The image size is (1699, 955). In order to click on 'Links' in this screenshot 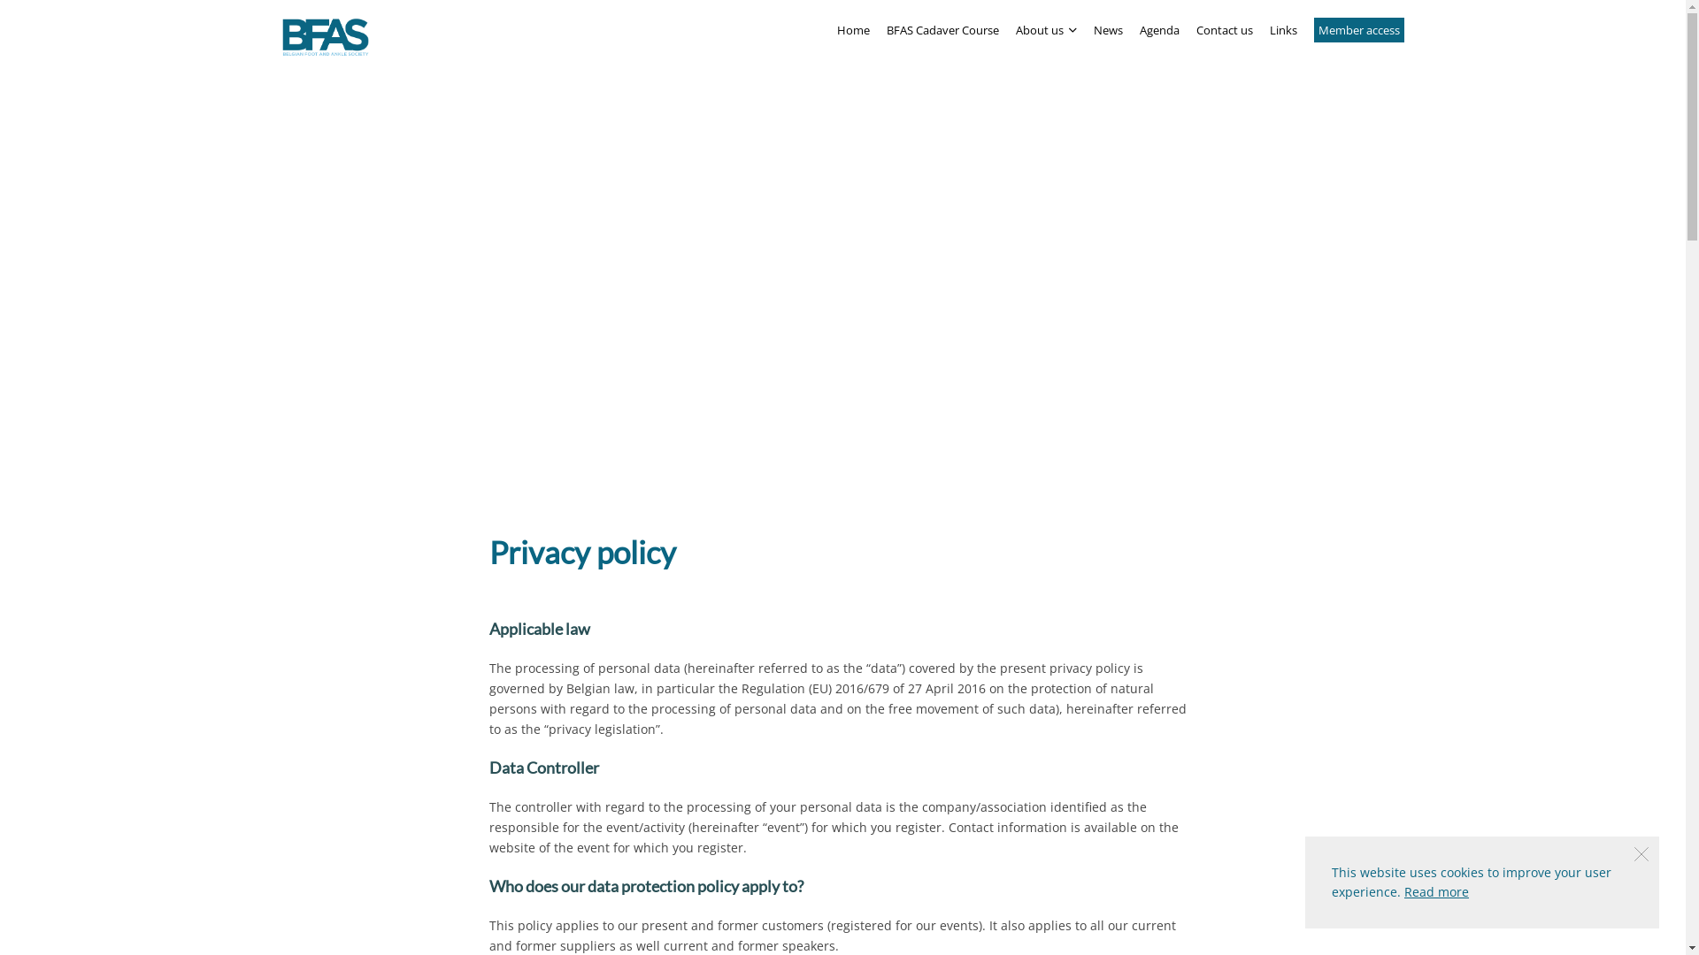, I will do `click(1283, 30)`.